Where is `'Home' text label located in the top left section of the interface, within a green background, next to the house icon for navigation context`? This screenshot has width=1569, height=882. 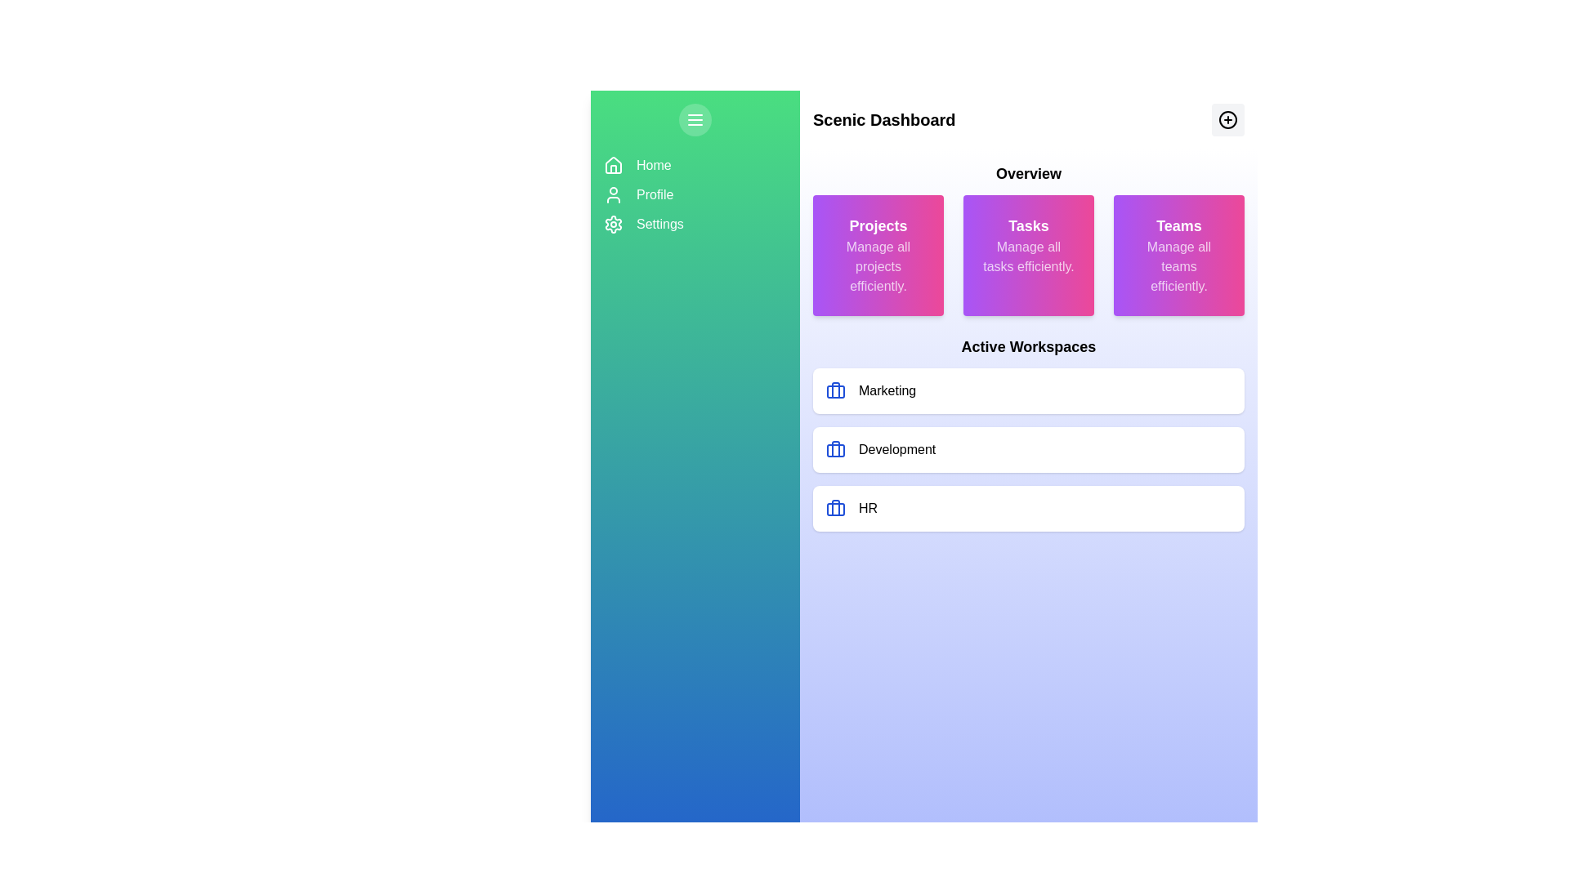
'Home' text label located in the top left section of the interface, within a green background, next to the house icon for navigation context is located at coordinates (654, 166).